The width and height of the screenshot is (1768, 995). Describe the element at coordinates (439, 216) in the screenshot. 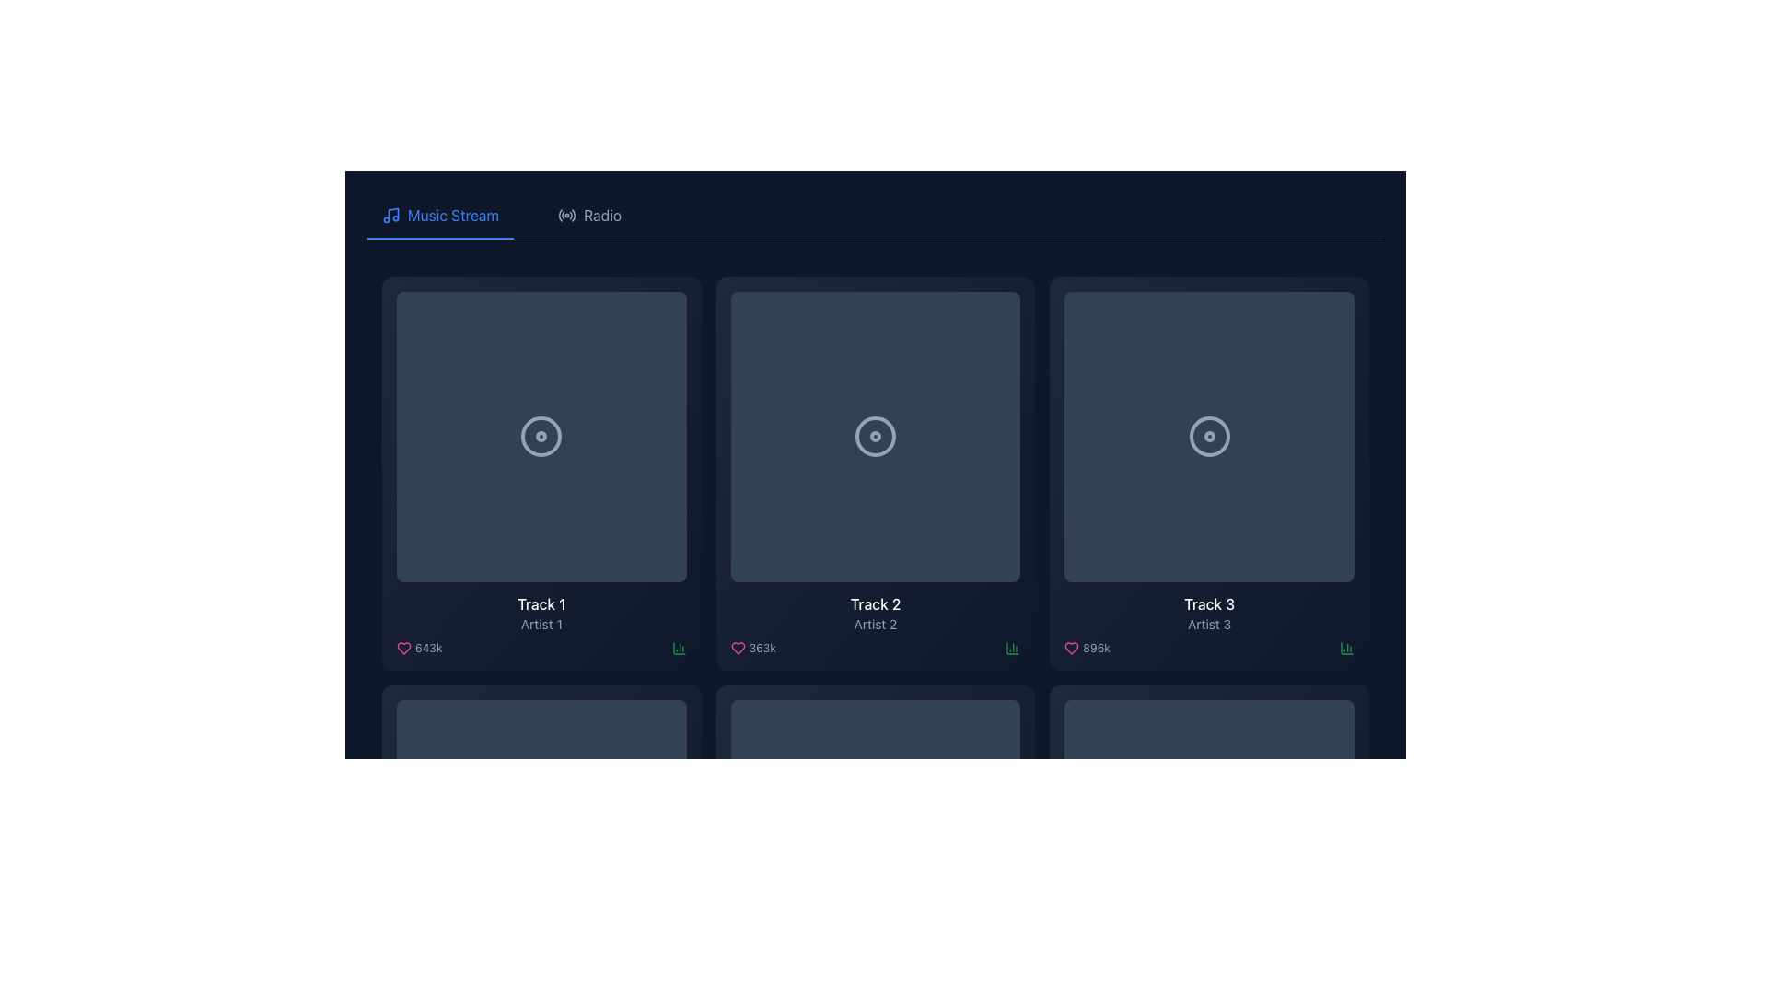

I see `the active 'Music Stream' navigation tab, which is styled in blue with a music note icon and is the first tab in the navigation bar` at that location.